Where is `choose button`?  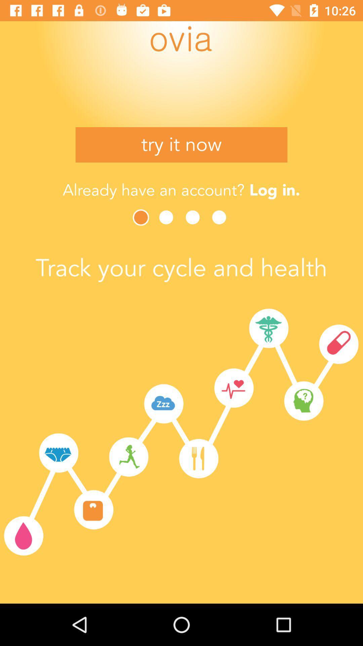 choose button is located at coordinates (141, 217).